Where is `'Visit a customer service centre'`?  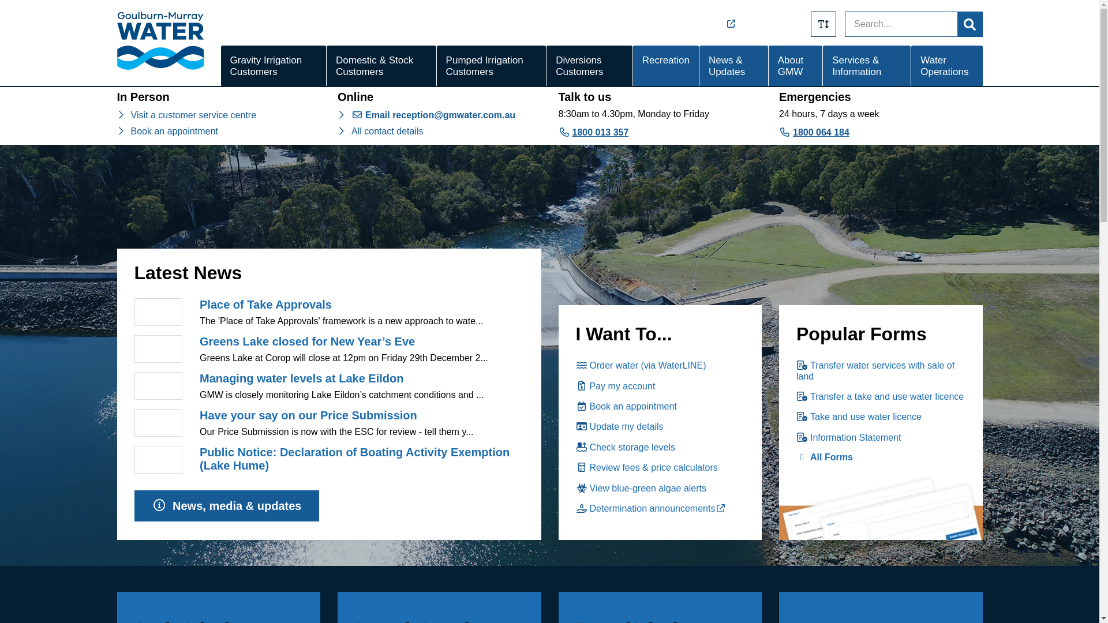 'Visit a customer service centre' is located at coordinates (193, 115).